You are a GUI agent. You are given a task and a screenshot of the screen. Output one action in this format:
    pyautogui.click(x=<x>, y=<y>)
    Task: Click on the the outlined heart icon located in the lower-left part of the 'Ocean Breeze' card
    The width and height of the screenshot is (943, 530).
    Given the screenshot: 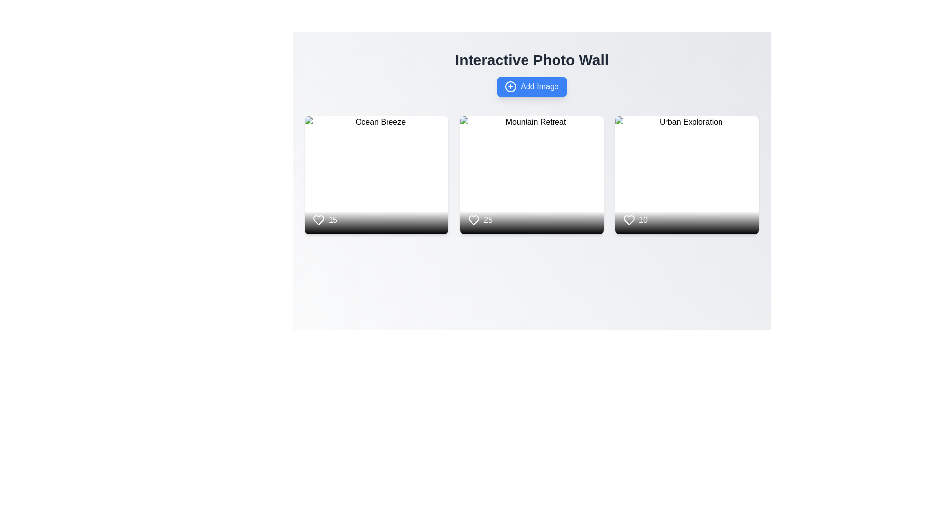 What is the action you would take?
    pyautogui.click(x=318, y=219)
    